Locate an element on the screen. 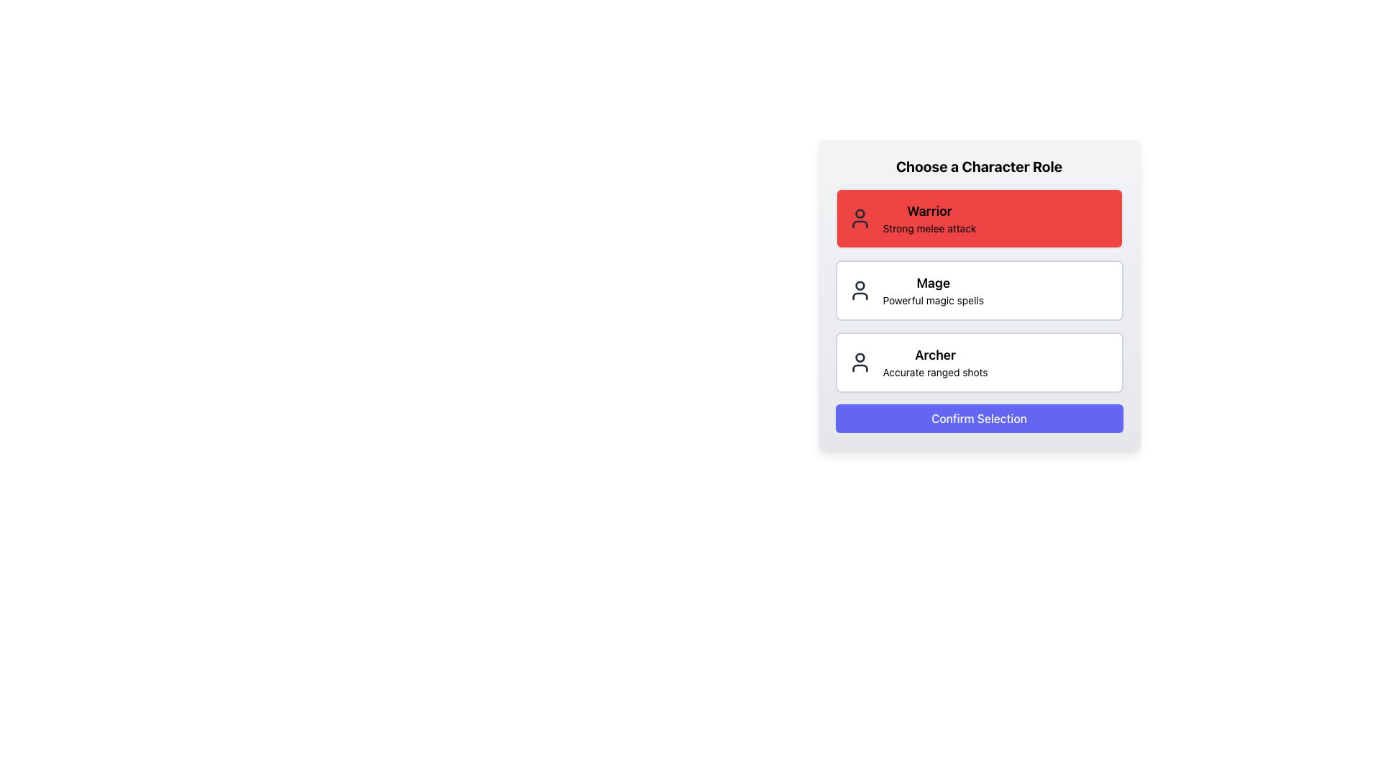 This screenshot has width=1381, height=777. the text label displaying 'Accurate ranged shots', which is positioned below 'Archer' and is part of the third selectable option in 'Choose a Character Role' is located at coordinates (935, 371).